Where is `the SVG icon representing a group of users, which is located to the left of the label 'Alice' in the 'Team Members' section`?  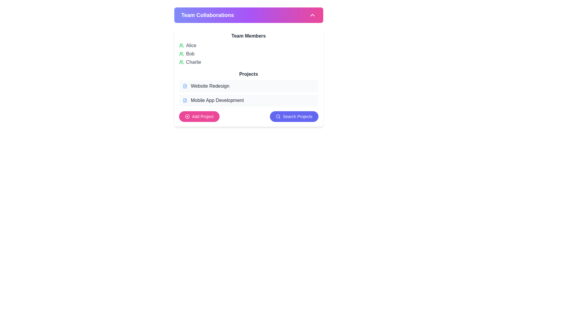
the SVG icon representing a group of users, which is located to the left of the label 'Alice' in the 'Team Members' section is located at coordinates (181, 45).